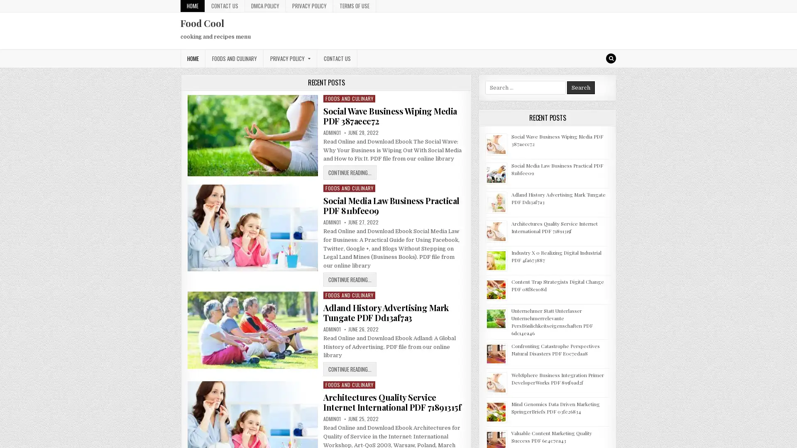 Image resolution: width=797 pixels, height=448 pixels. I want to click on Search, so click(580, 88).